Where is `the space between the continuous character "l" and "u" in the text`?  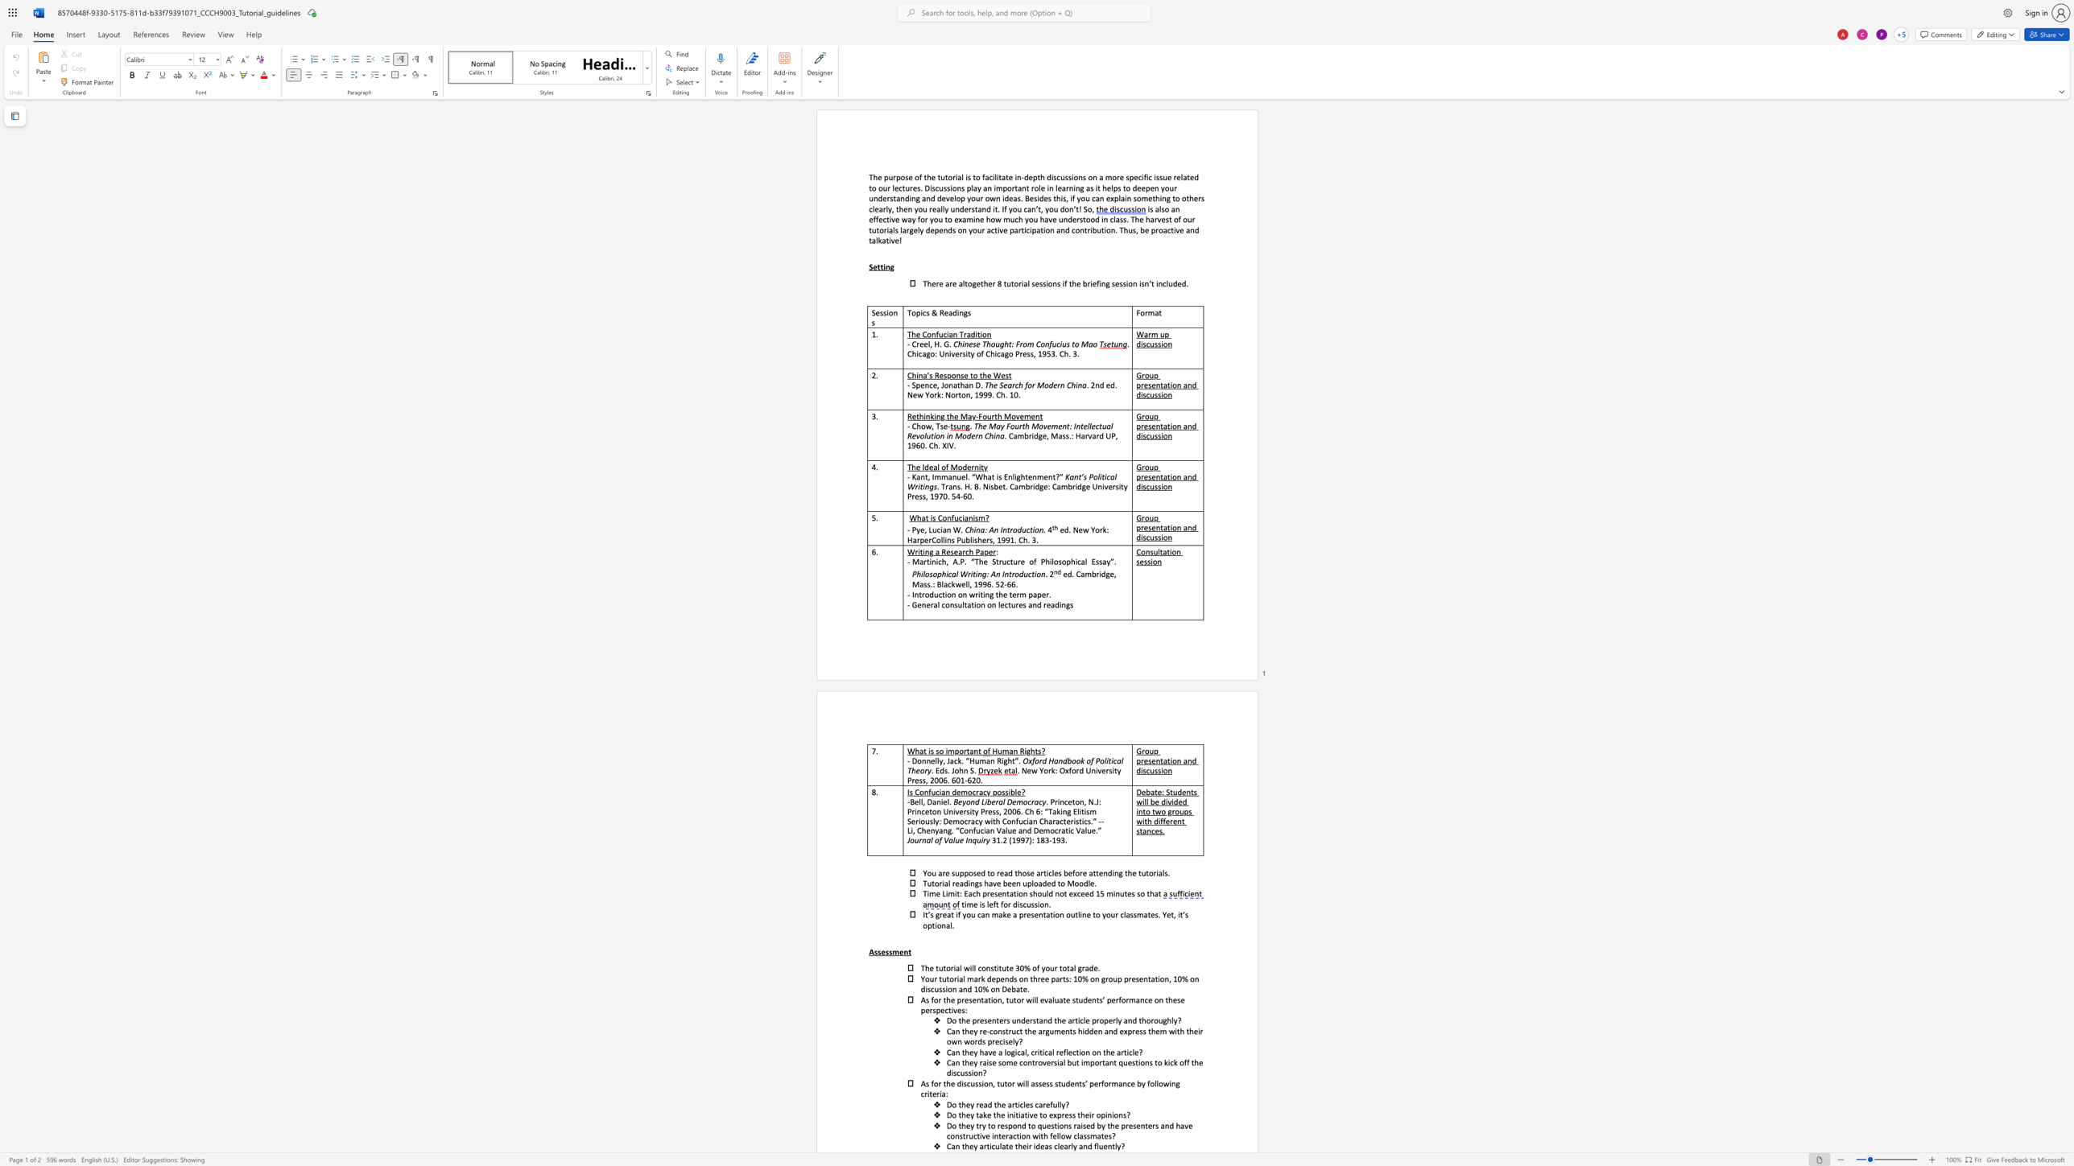
the space between the continuous character "l" and "u" in the text is located at coordinates (1167, 283).